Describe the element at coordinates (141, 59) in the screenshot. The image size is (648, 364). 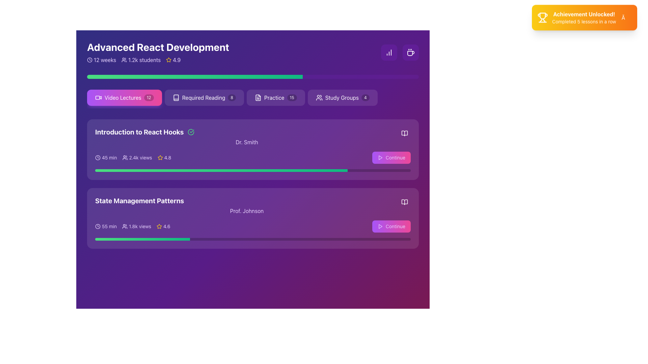
I see `the static text element displaying '1.2k students' with an accompanying icon of two user figures on its left` at that location.